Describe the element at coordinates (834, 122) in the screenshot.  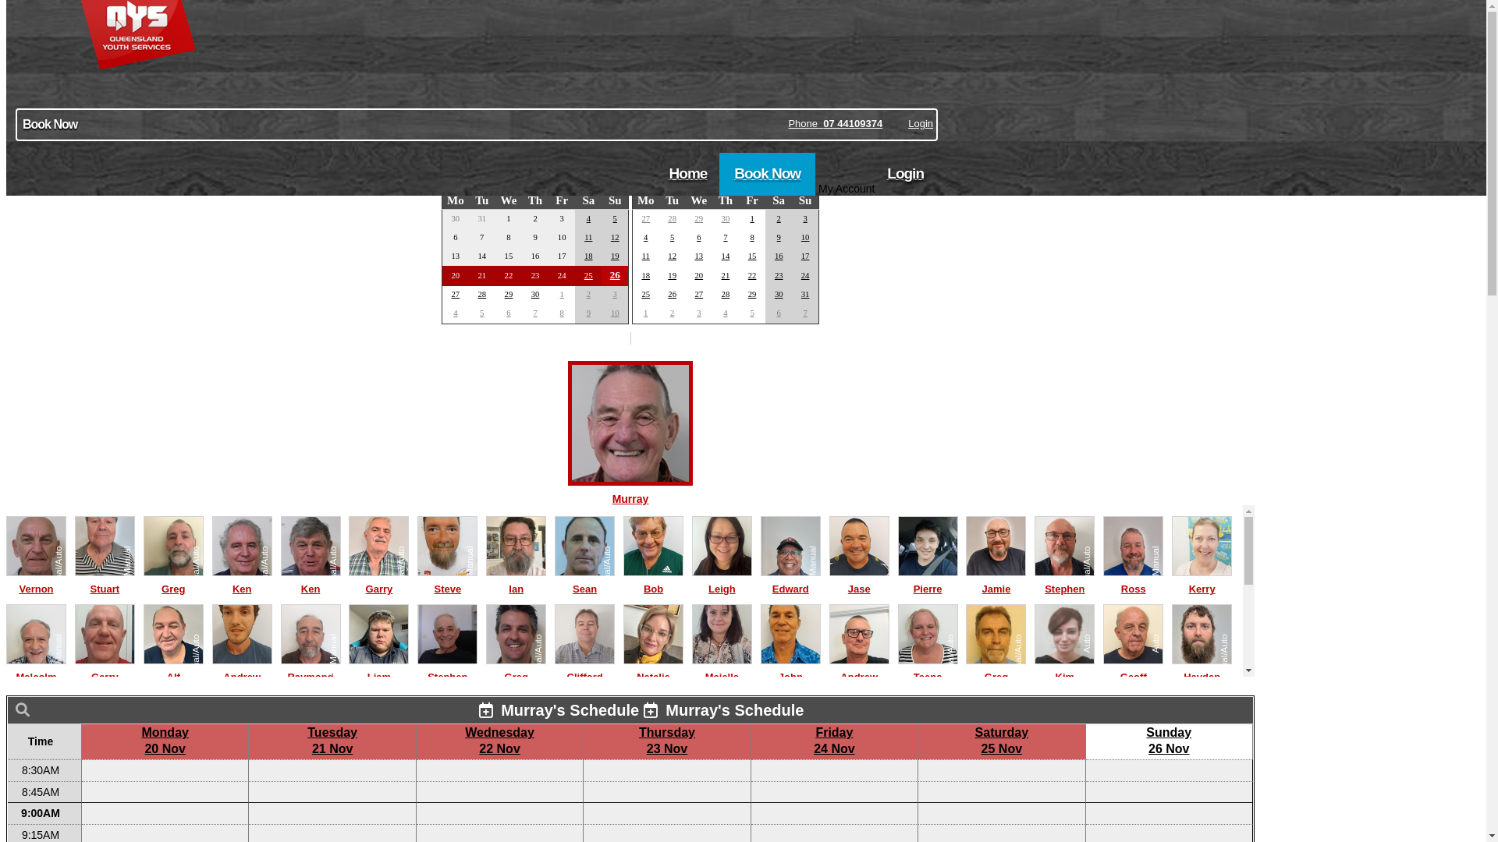
I see `'Phone  07 44109374'` at that location.